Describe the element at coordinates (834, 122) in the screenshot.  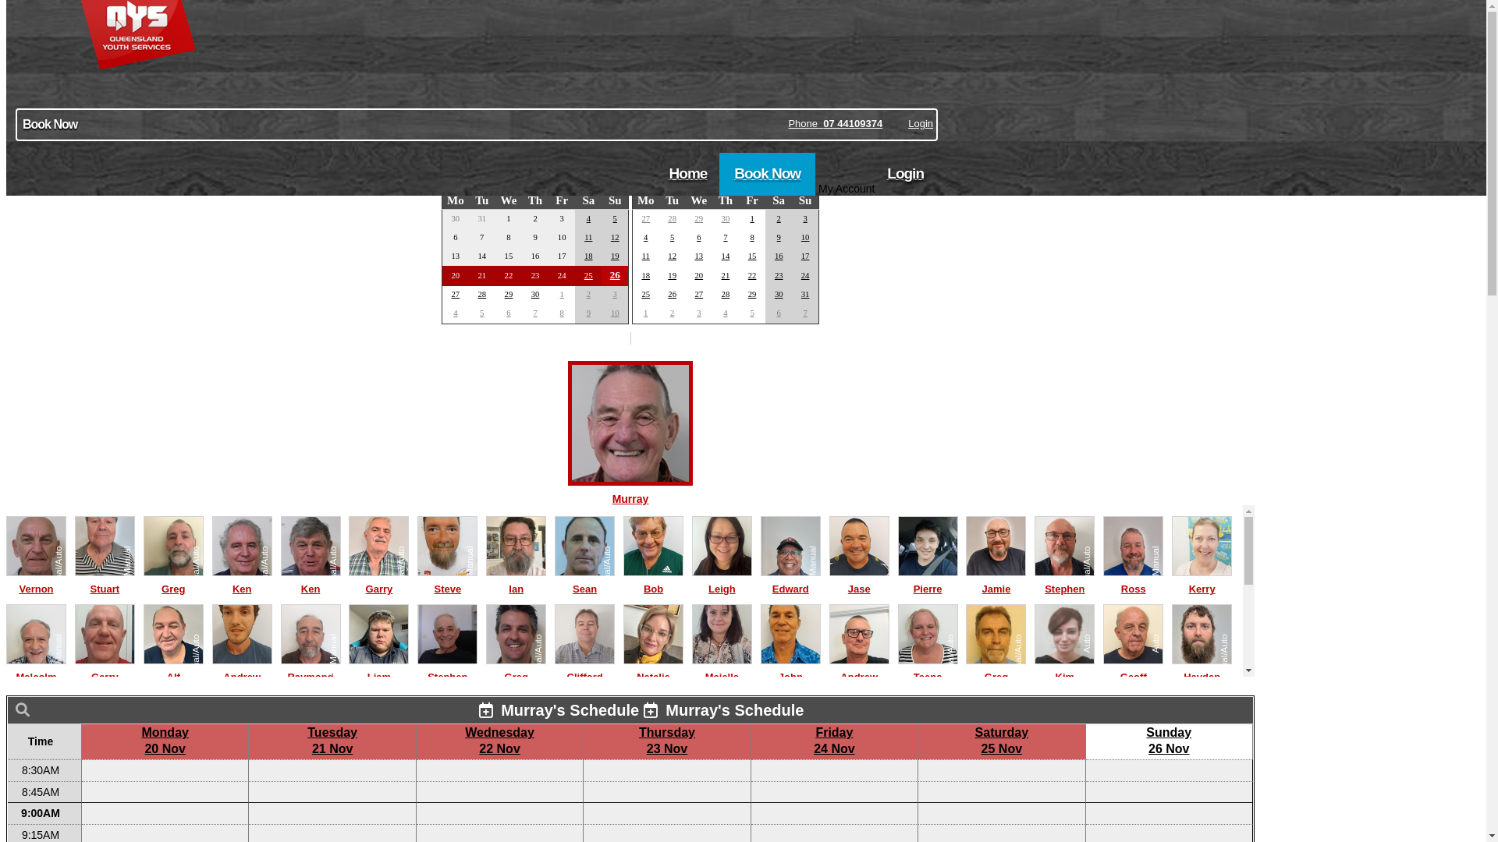
I see `'Phone  07 44109374'` at that location.